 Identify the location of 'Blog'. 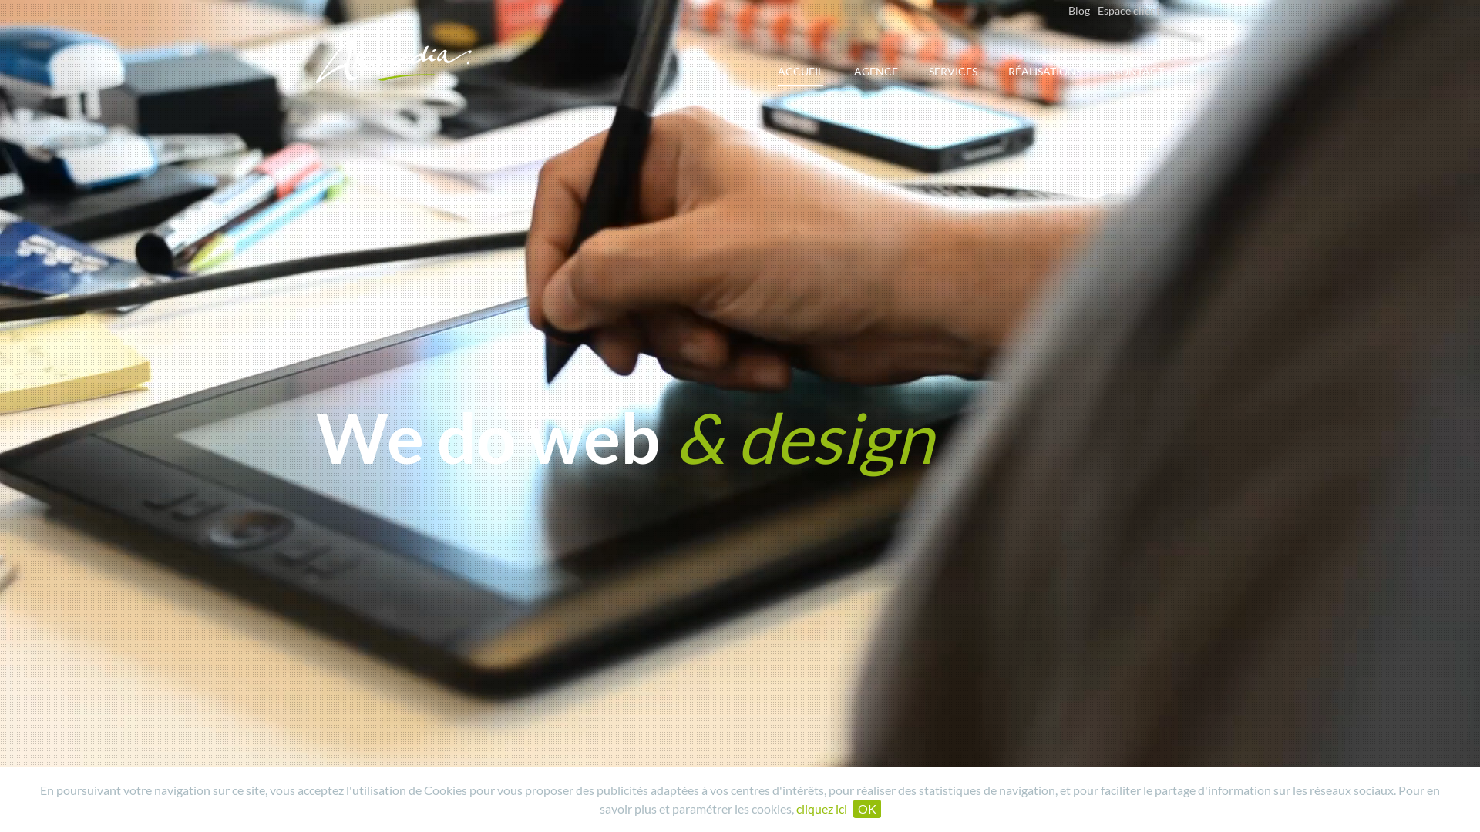
(1078, 10).